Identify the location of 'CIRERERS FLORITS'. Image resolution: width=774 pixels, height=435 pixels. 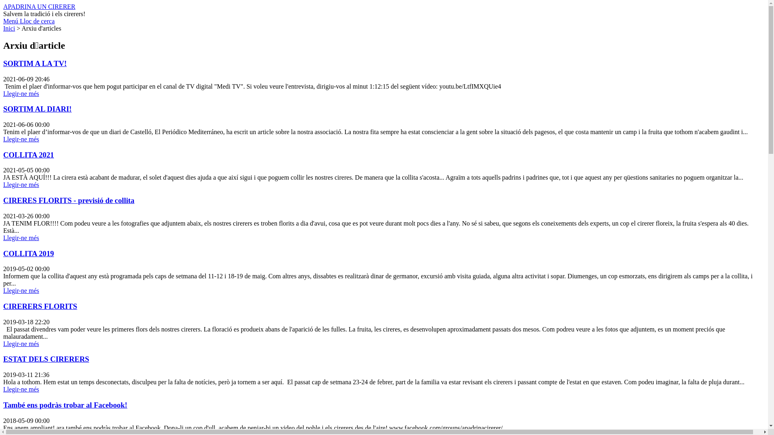
(40, 306).